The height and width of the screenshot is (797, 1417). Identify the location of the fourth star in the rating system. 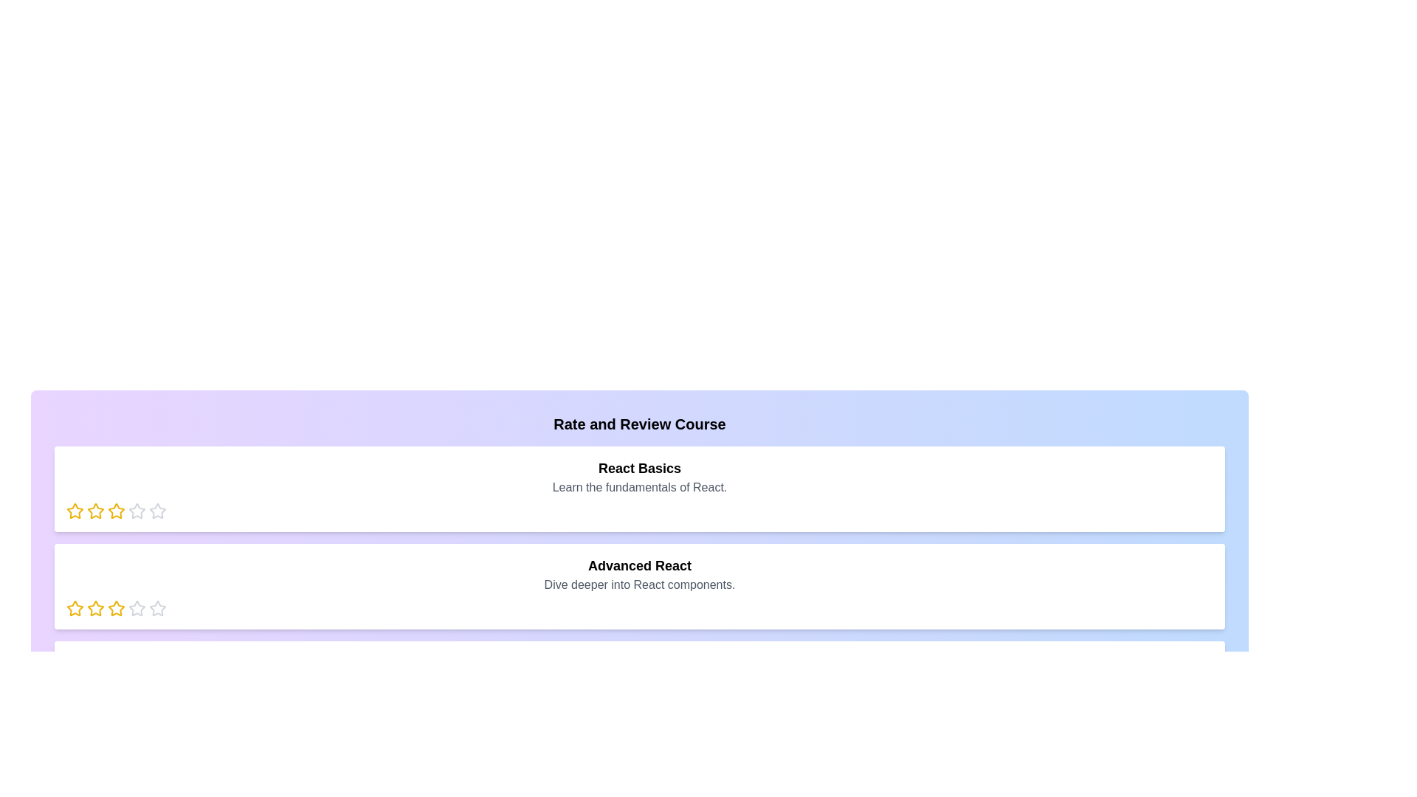
(158, 510).